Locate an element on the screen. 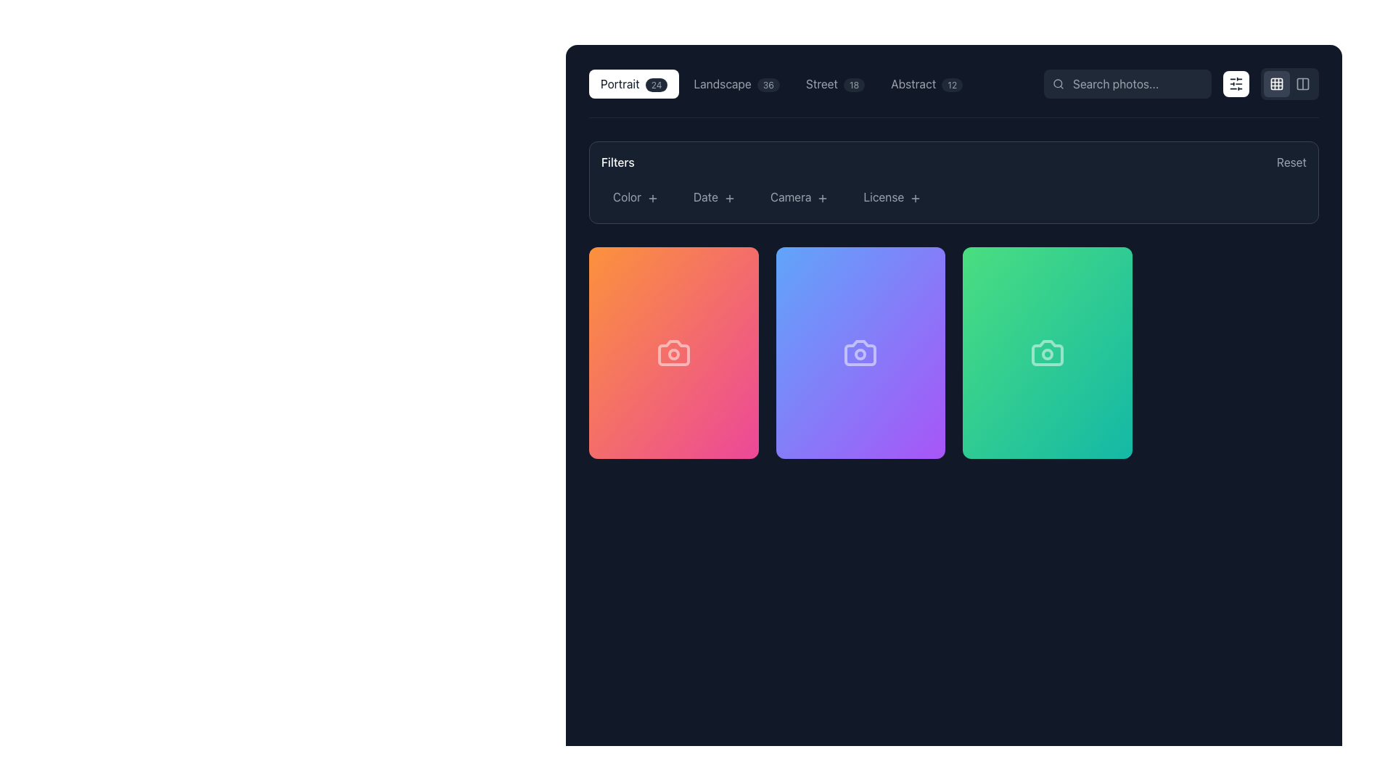 The height and width of the screenshot is (783, 1393). the camera icon located on the gradient purple card, which is the second card in a row of three cards, to interact with it is located at coordinates (860, 352).